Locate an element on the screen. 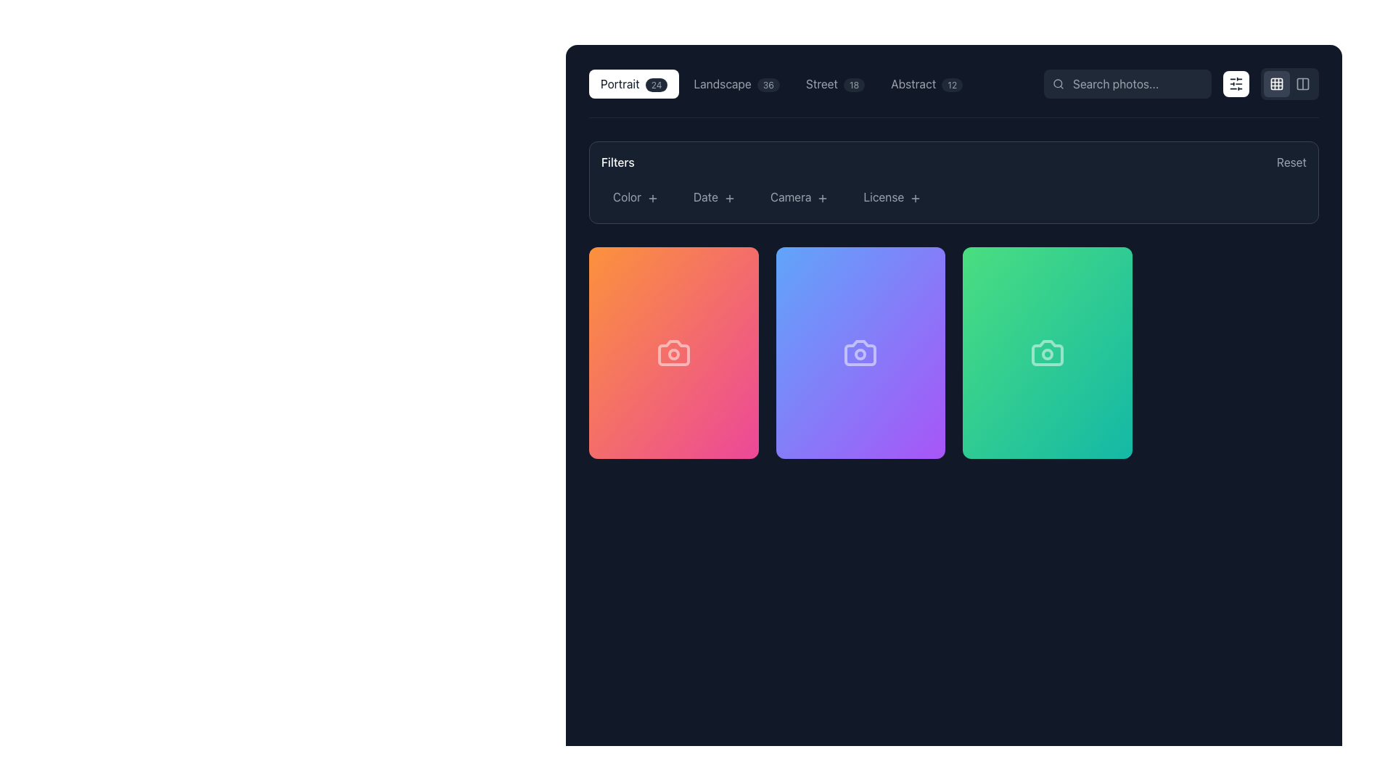 The height and width of the screenshot is (783, 1393). the camera icon located on the gradient purple card, which is the second card in a row of three cards, to interact with it is located at coordinates (860, 352).